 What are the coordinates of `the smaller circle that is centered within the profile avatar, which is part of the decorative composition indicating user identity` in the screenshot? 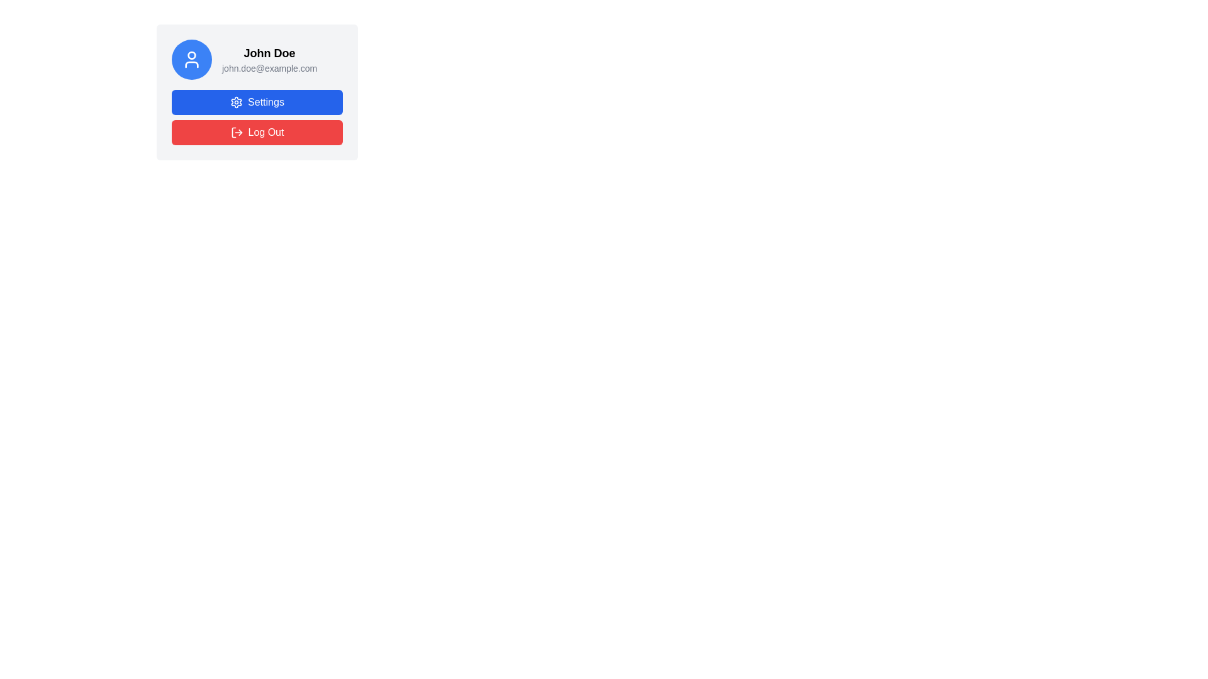 It's located at (191, 55).